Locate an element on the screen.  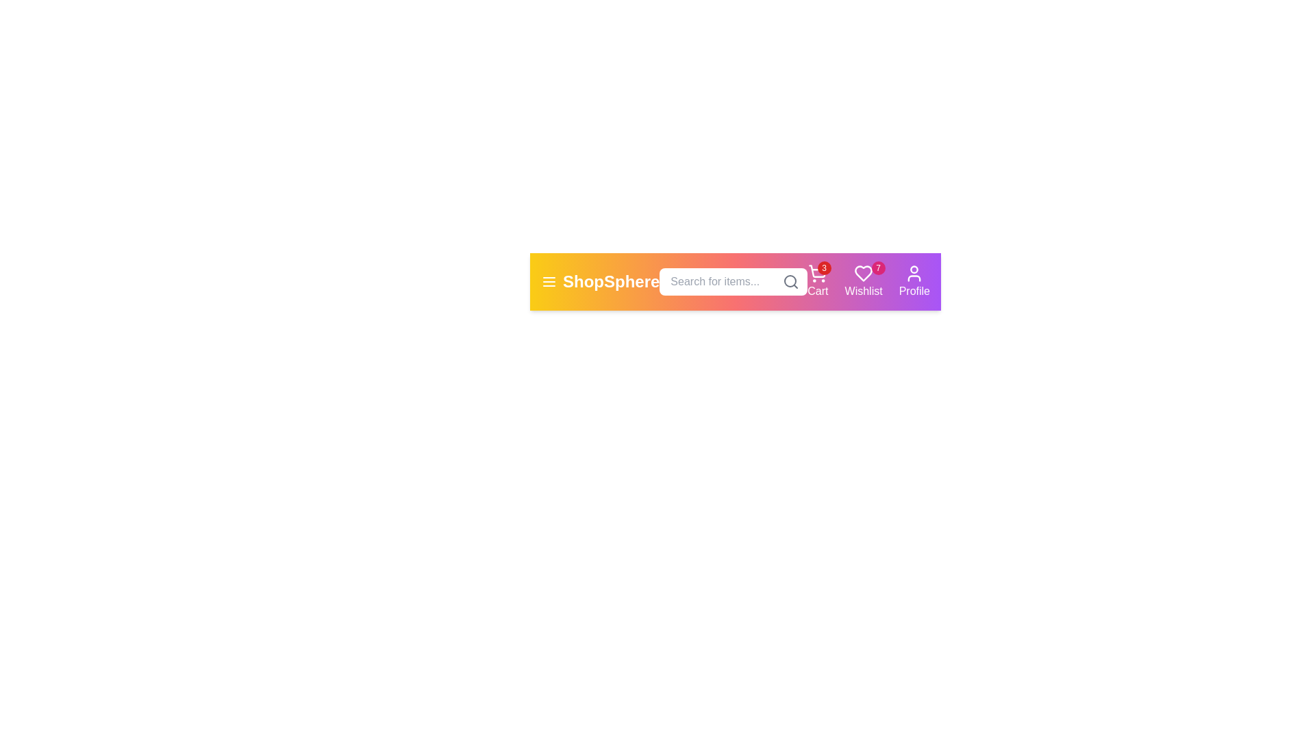
the menu icon to toggle the menu is located at coordinates (549, 281).